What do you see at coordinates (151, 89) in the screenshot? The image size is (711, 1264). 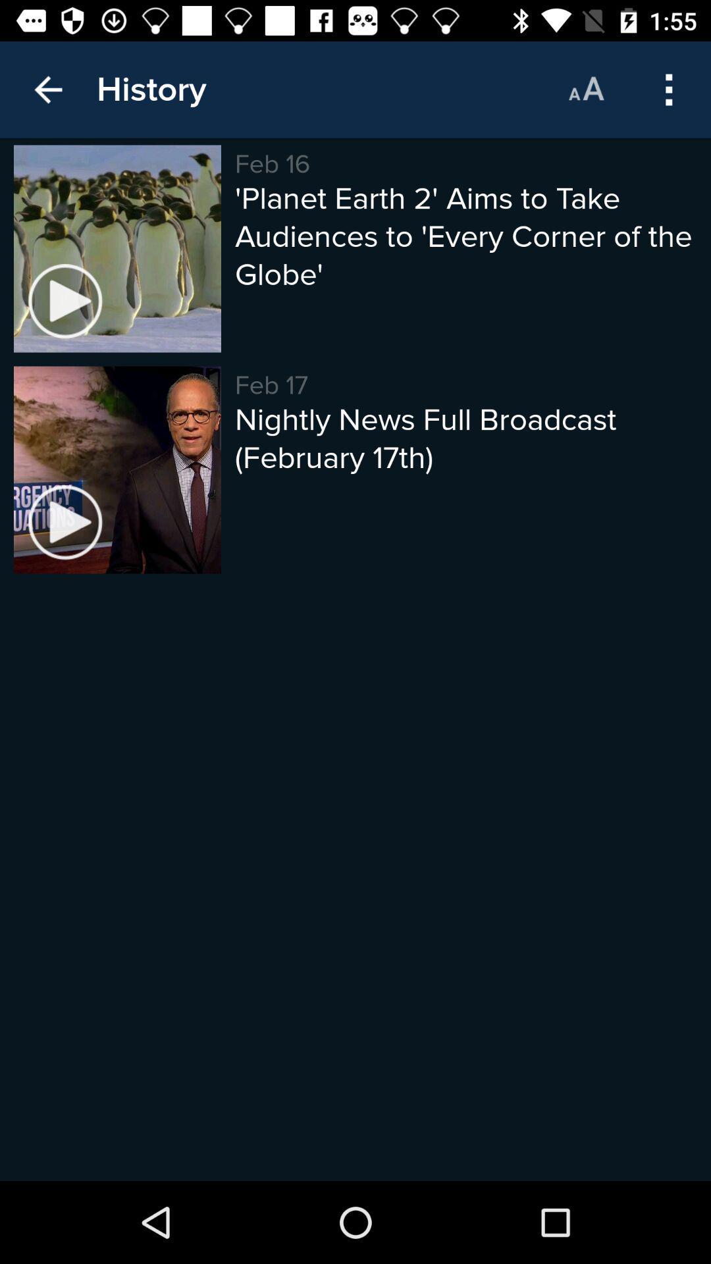 I see `the history` at bounding box center [151, 89].